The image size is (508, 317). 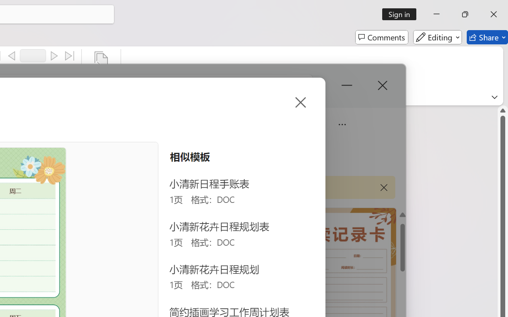 What do you see at coordinates (54, 56) in the screenshot?
I see `'Next'` at bounding box center [54, 56].